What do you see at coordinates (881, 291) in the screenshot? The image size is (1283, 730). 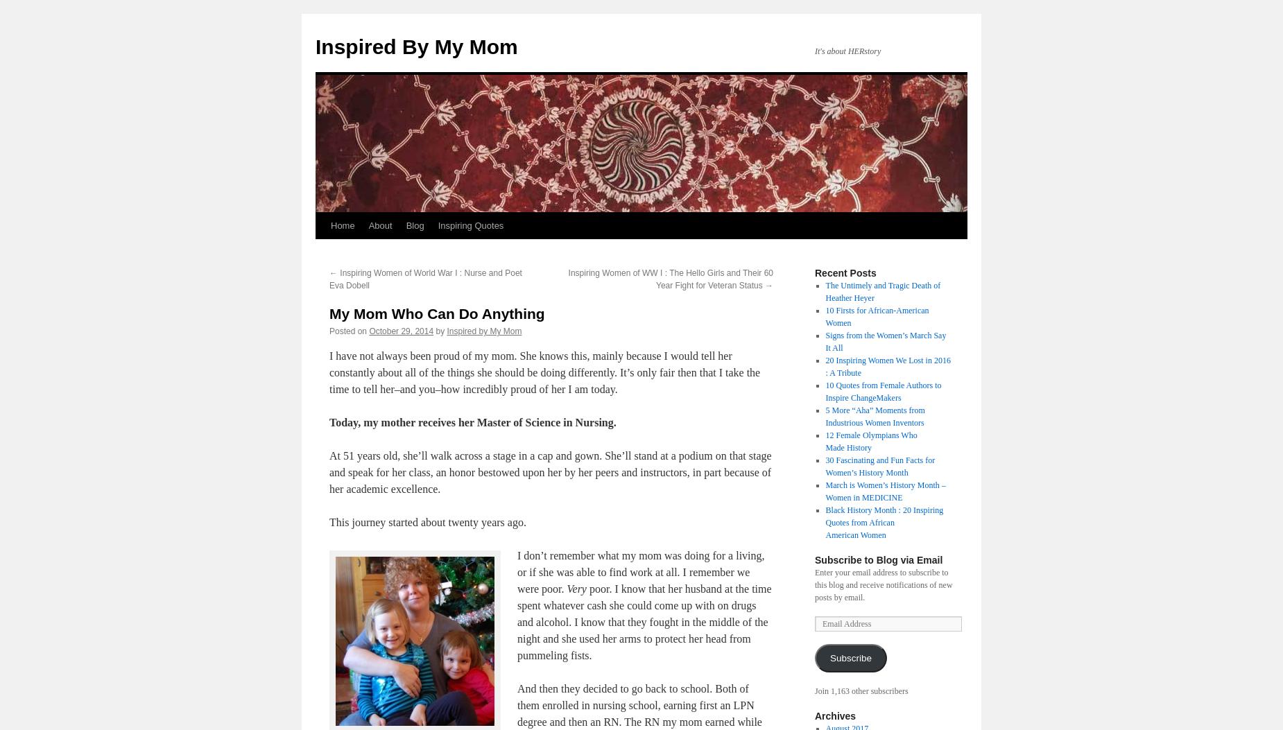 I see `'The Untimely and Tragic Death of Heather Heyer'` at bounding box center [881, 291].